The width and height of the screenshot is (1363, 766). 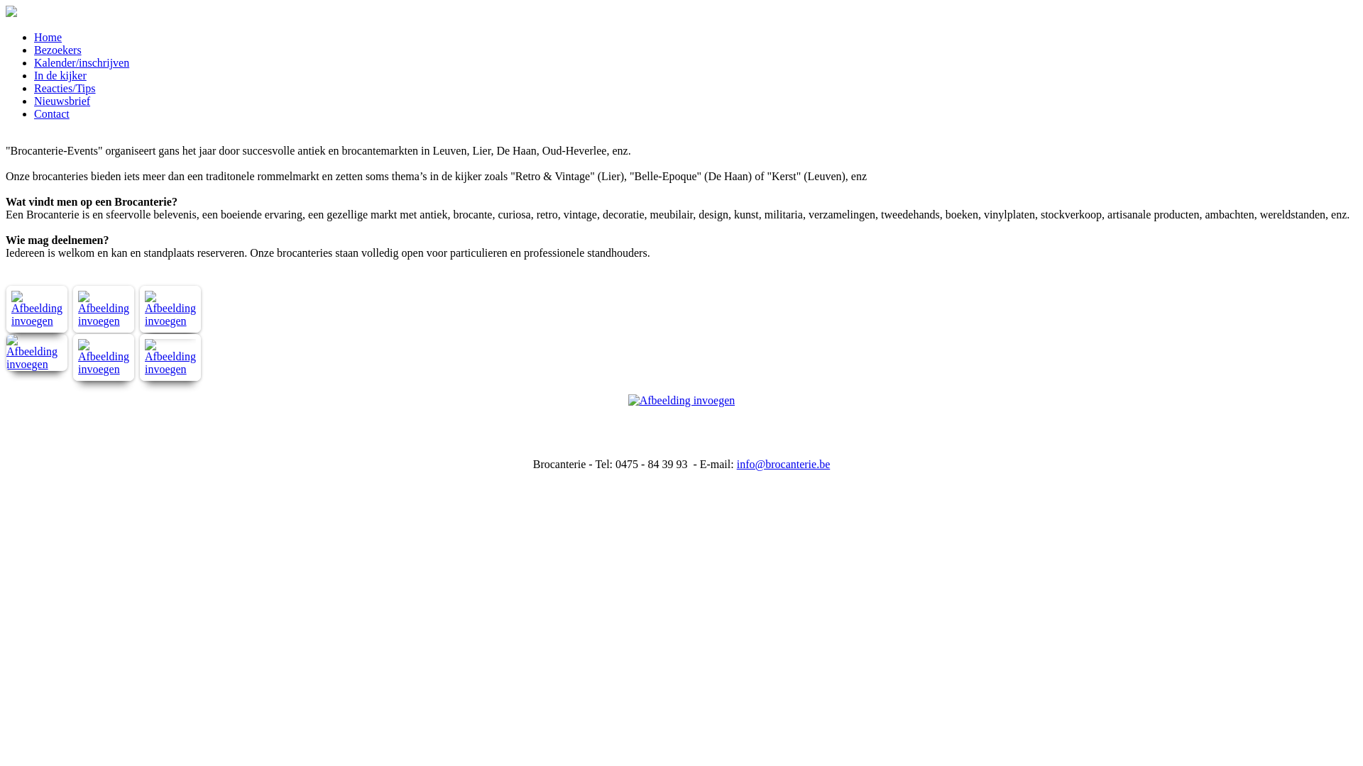 I want to click on 'Afbeelding invoegen', so click(x=72, y=368).